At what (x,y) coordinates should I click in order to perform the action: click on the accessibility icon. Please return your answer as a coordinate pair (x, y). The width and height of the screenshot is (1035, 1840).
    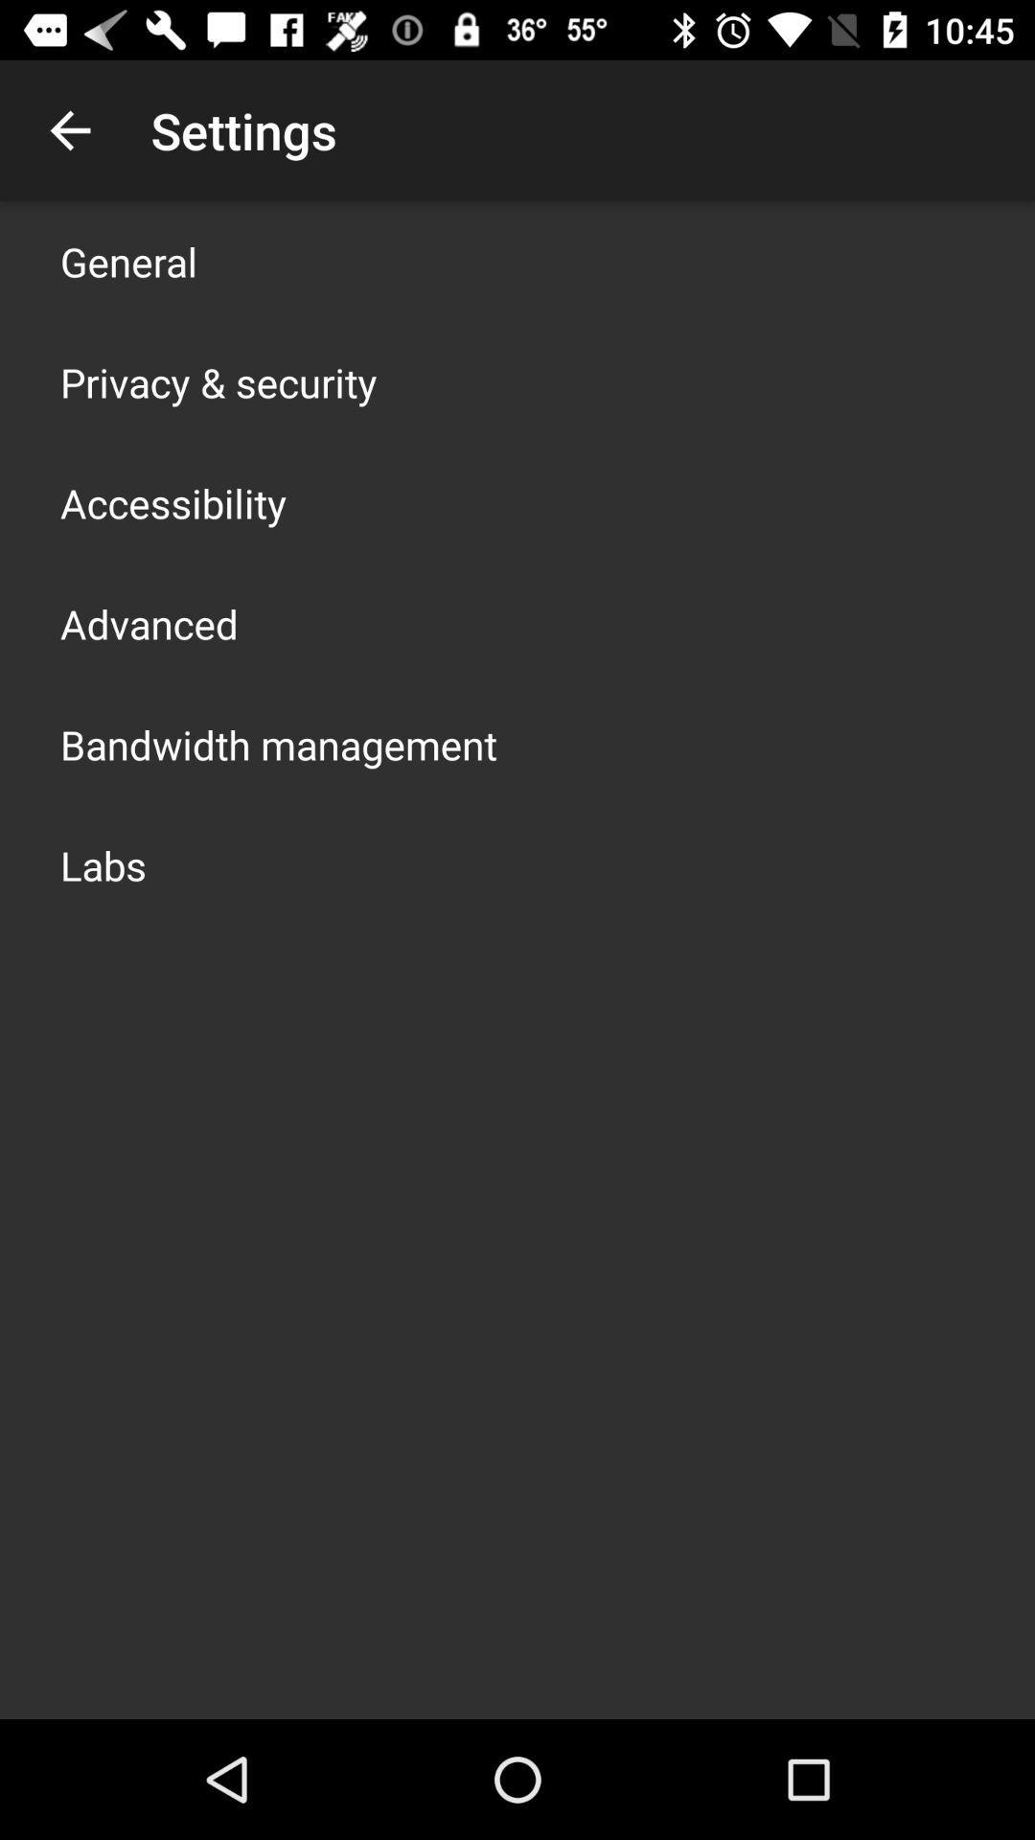
    Looking at the image, I should click on (173, 502).